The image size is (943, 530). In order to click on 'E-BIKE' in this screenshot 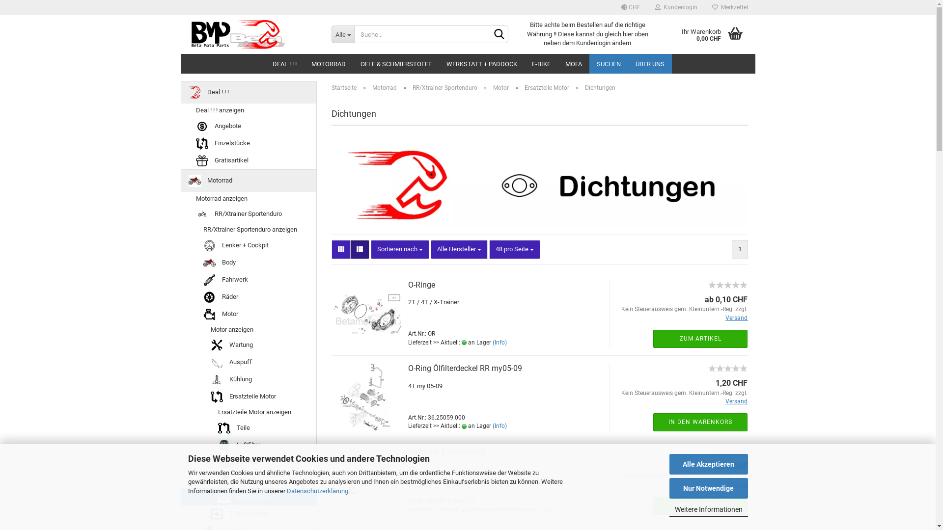, I will do `click(541, 64)`.